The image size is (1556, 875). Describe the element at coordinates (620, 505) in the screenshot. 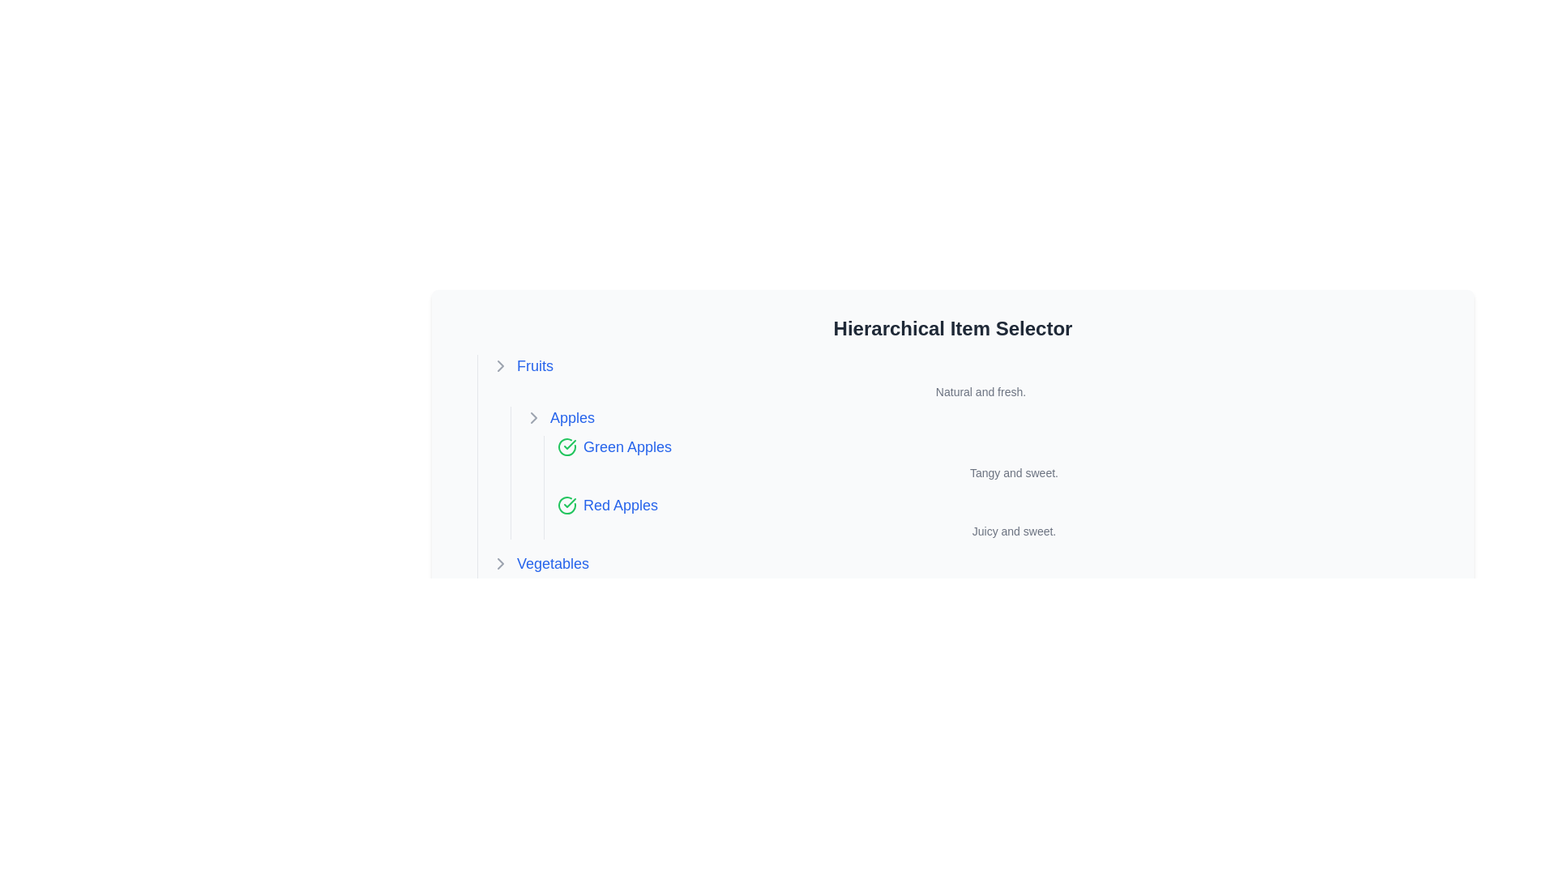

I see `the interactive text label representing 'Red Apples'` at that location.